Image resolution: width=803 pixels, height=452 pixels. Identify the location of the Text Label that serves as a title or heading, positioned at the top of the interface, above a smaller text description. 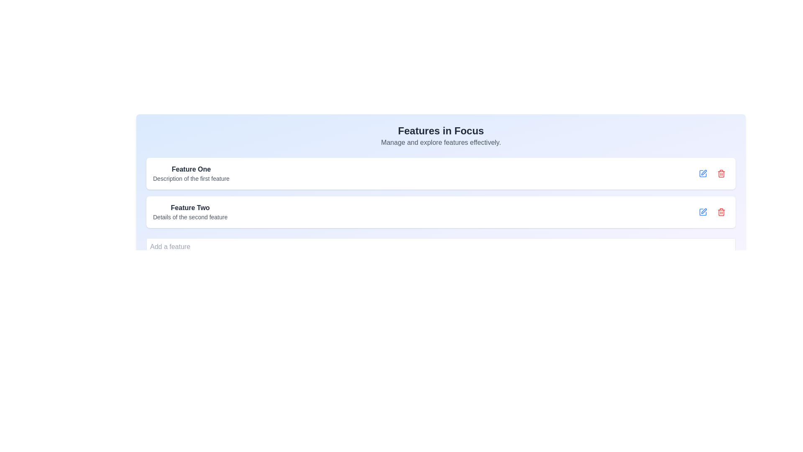
(440, 131).